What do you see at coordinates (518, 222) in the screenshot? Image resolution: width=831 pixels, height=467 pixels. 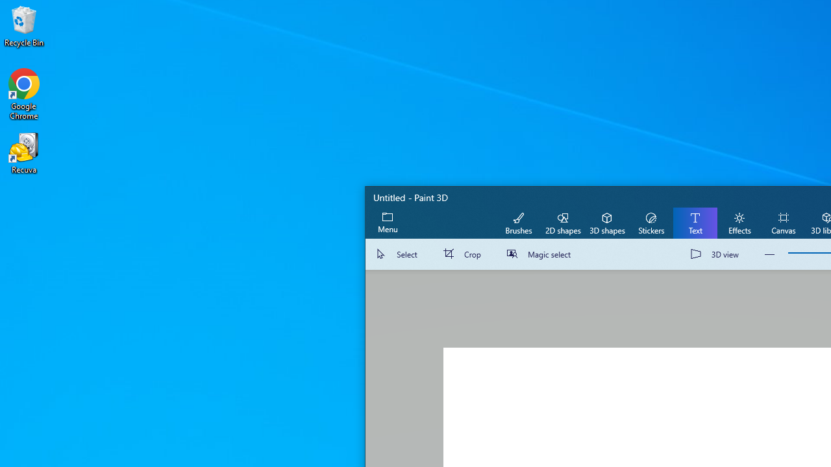 I see `'Brushes'` at bounding box center [518, 222].